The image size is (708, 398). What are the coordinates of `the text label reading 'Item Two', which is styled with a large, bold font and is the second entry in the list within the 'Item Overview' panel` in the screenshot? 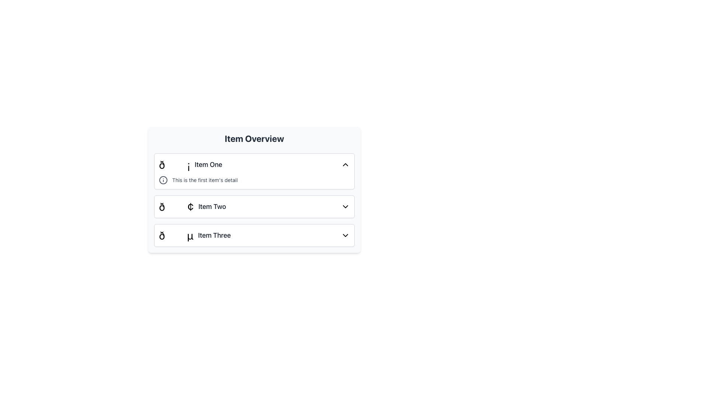 It's located at (212, 206).